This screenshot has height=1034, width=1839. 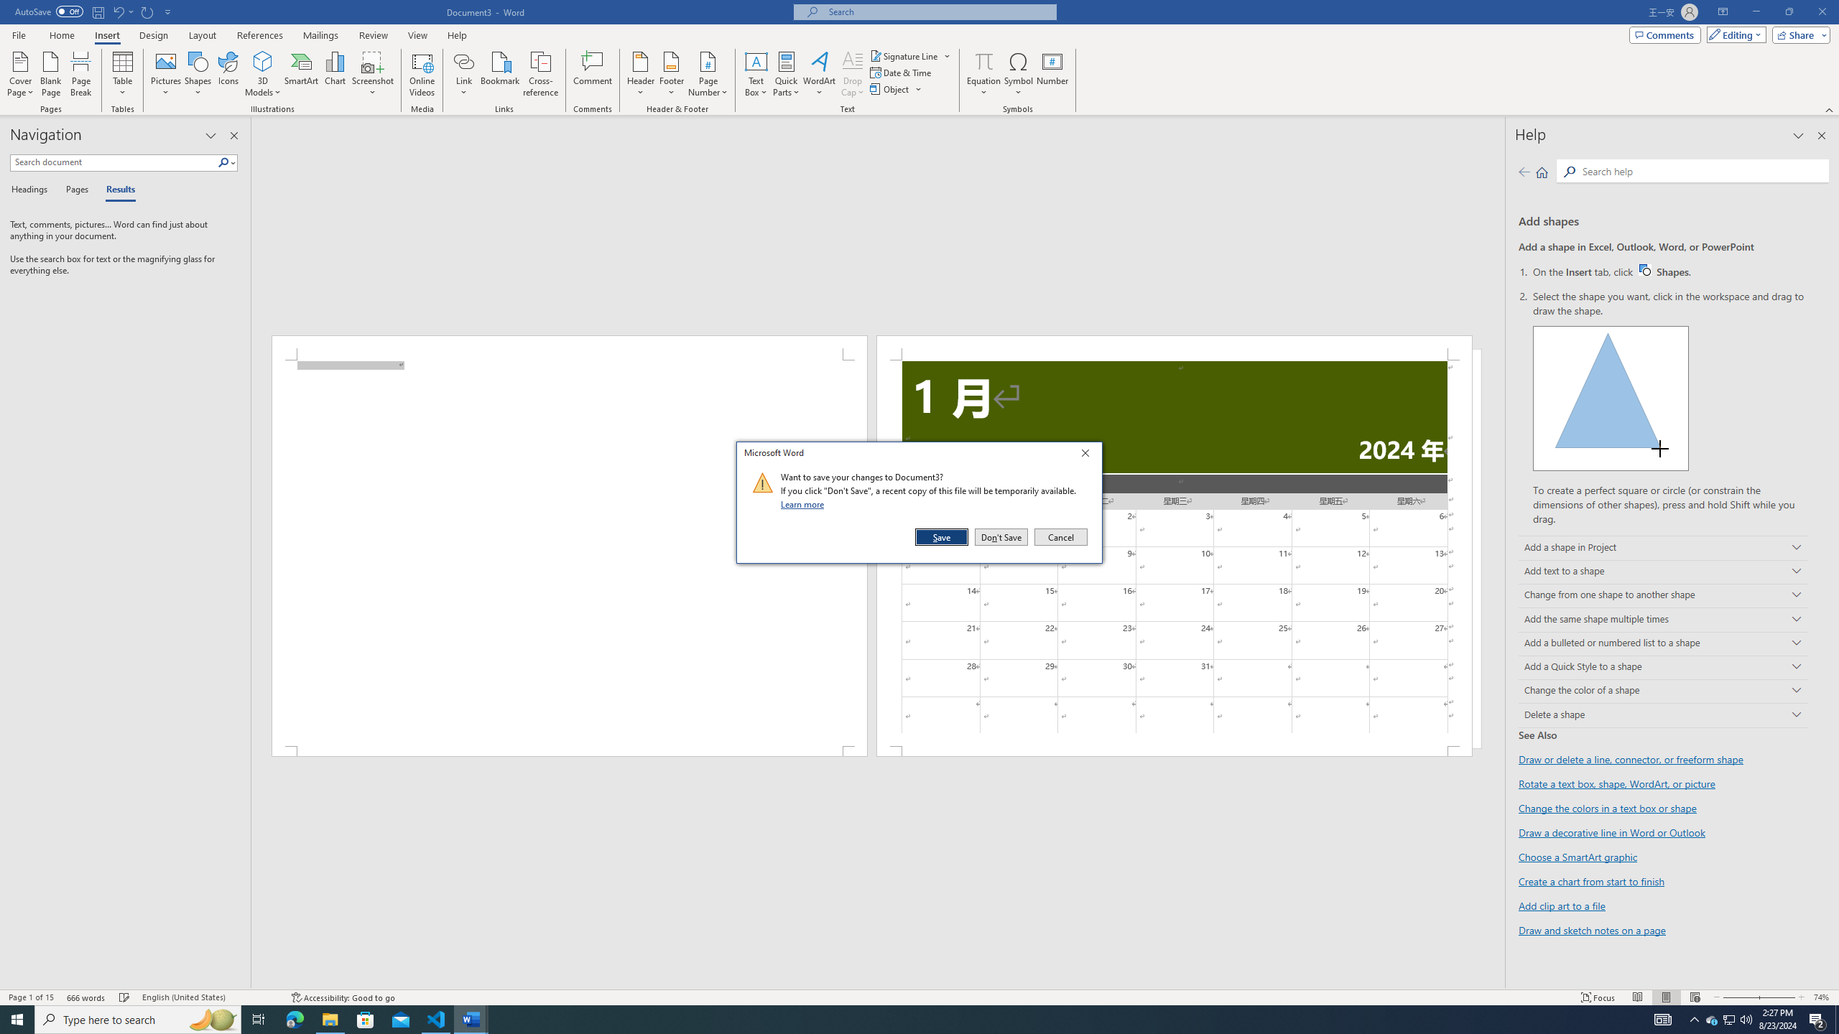 I want to click on 'Table', so click(x=123, y=74).